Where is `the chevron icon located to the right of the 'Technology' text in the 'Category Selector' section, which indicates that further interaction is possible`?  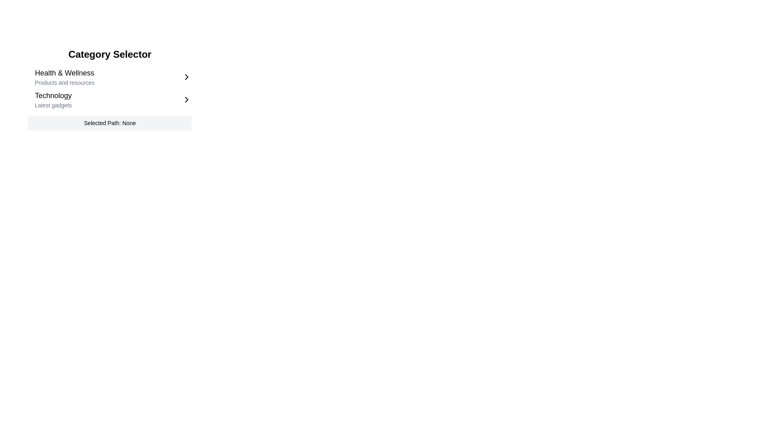 the chevron icon located to the right of the 'Technology' text in the 'Category Selector' section, which indicates that further interaction is possible is located at coordinates (186, 99).